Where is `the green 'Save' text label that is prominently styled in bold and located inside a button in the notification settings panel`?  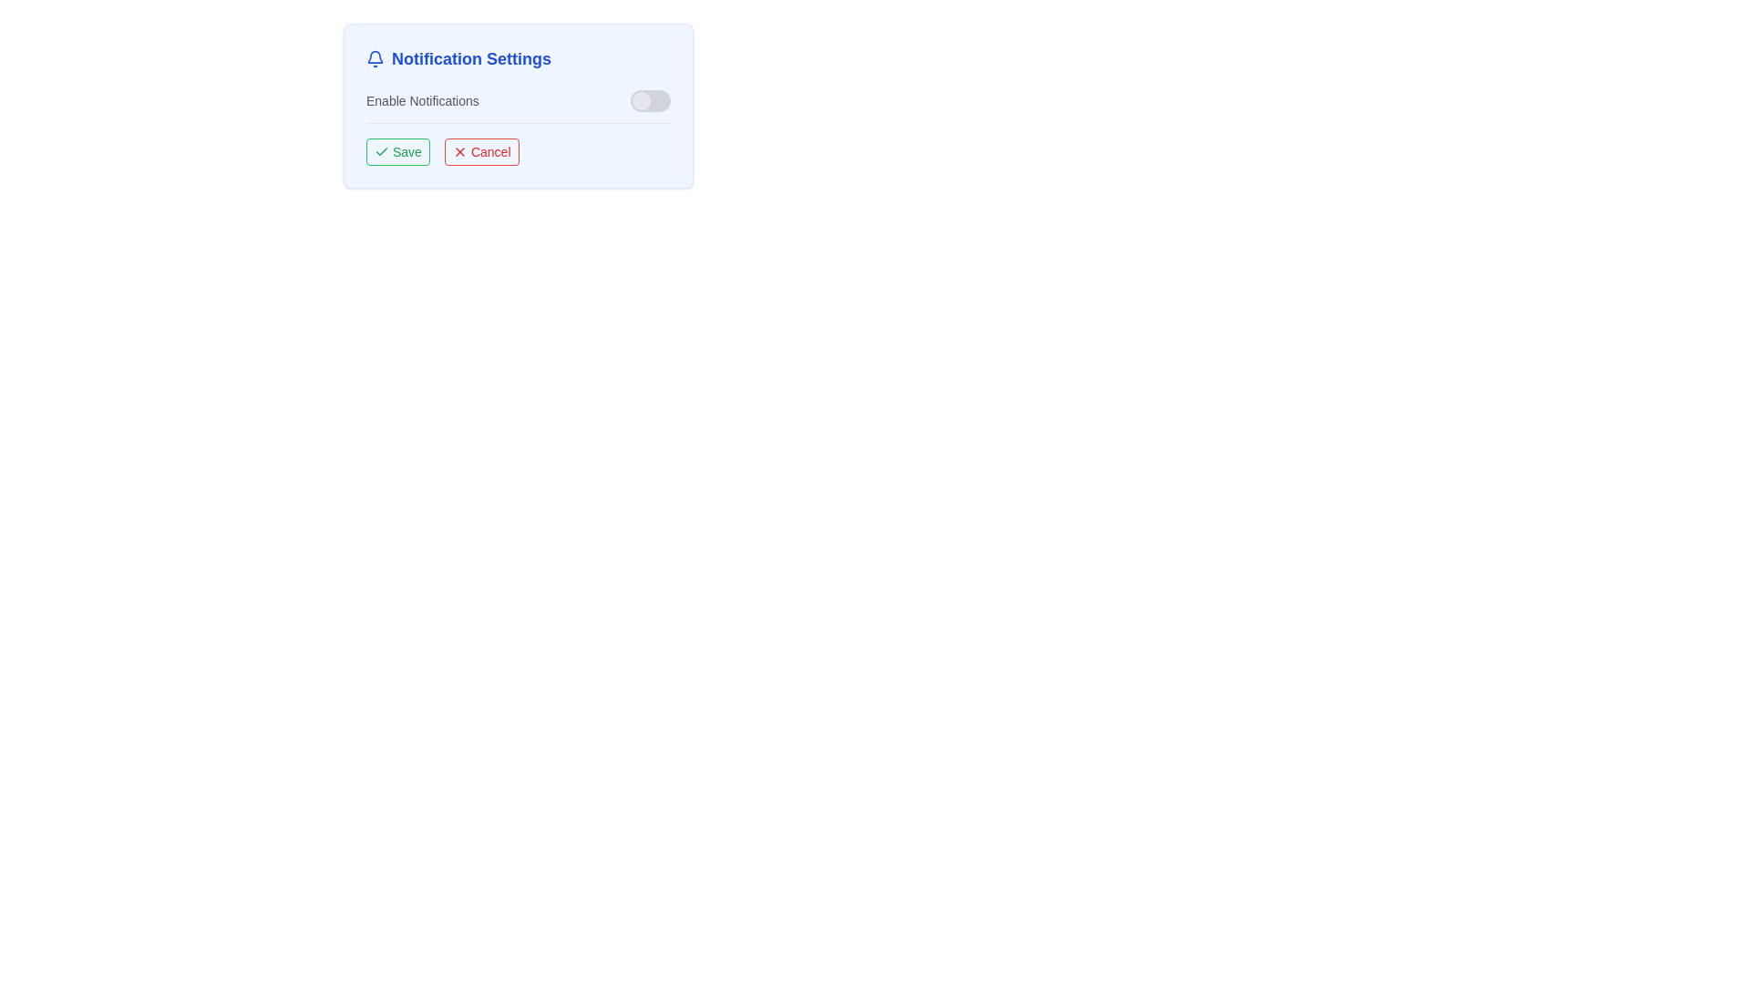
the green 'Save' text label that is prominently styled in bold and located inside a button in the notification settings panel is located at coordinates (406, 150).